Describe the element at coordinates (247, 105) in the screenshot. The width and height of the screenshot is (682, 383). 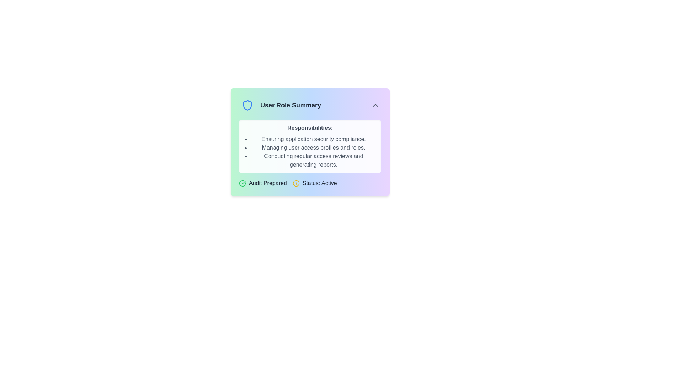
I see `the circular icon with a light blue background and a shield icon outlined in blue, located inside the 'User Role Summary' header box` at that location.